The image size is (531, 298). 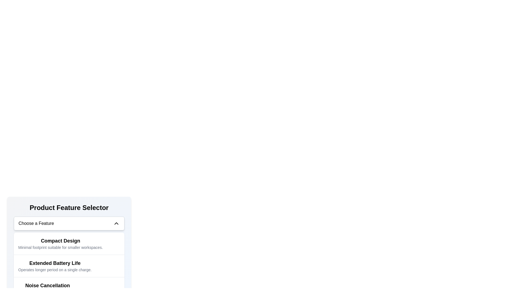 I want to click on text content of the 'Extended Battery Life' element, which includes the title styled in bold and large font and the description styled in smaller and lighter font, located in the second card under the 'Product Feature Selector' section, so click(x=55, y=266).